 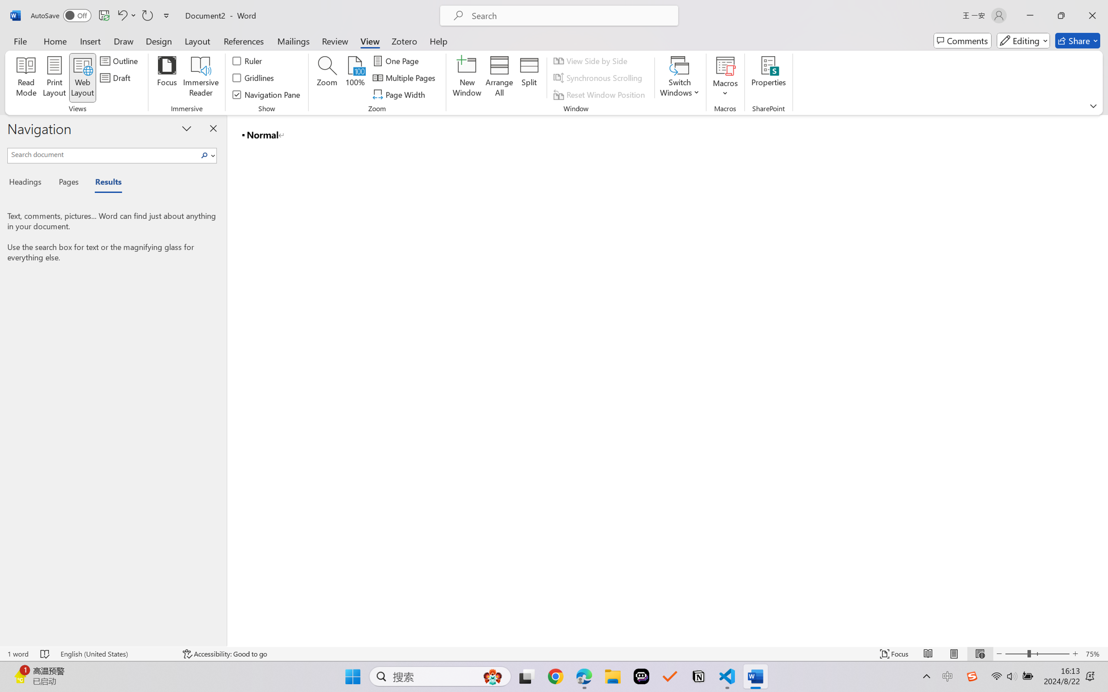 What do you see at coordinates (570, 15) in the screenshot?
I see `'Microsoft search'` at bounding box center [570, 15].